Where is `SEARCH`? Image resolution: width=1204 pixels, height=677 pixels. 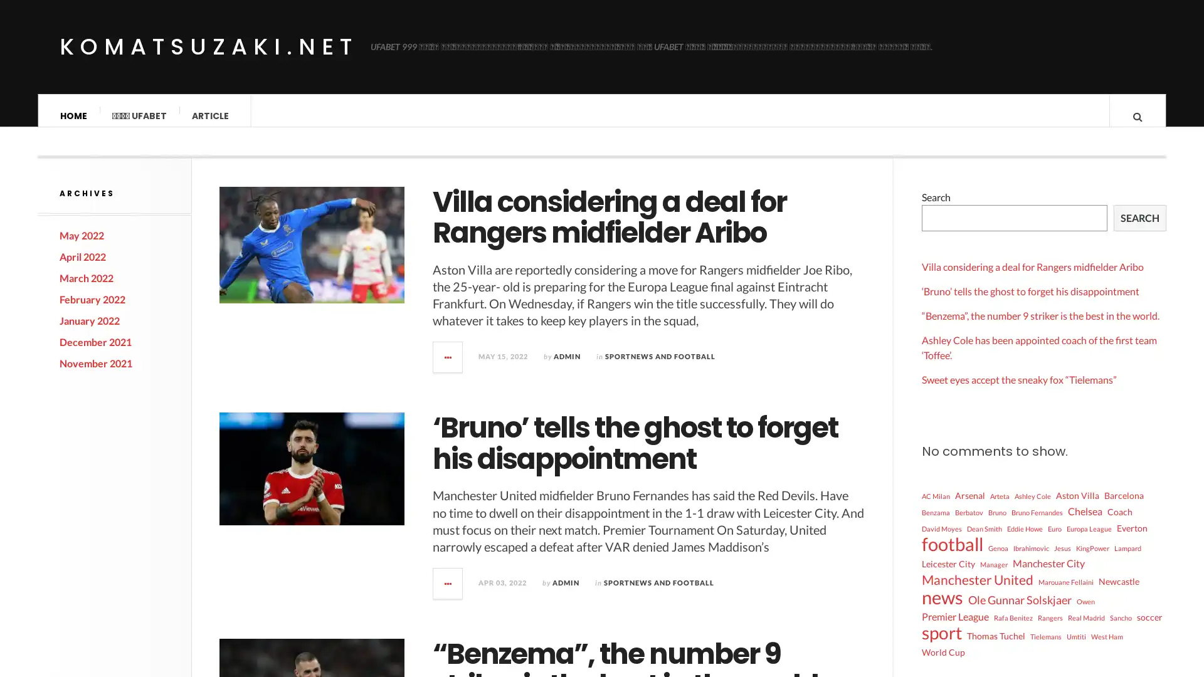
SEARCH is located at coordinates (1140, 229).